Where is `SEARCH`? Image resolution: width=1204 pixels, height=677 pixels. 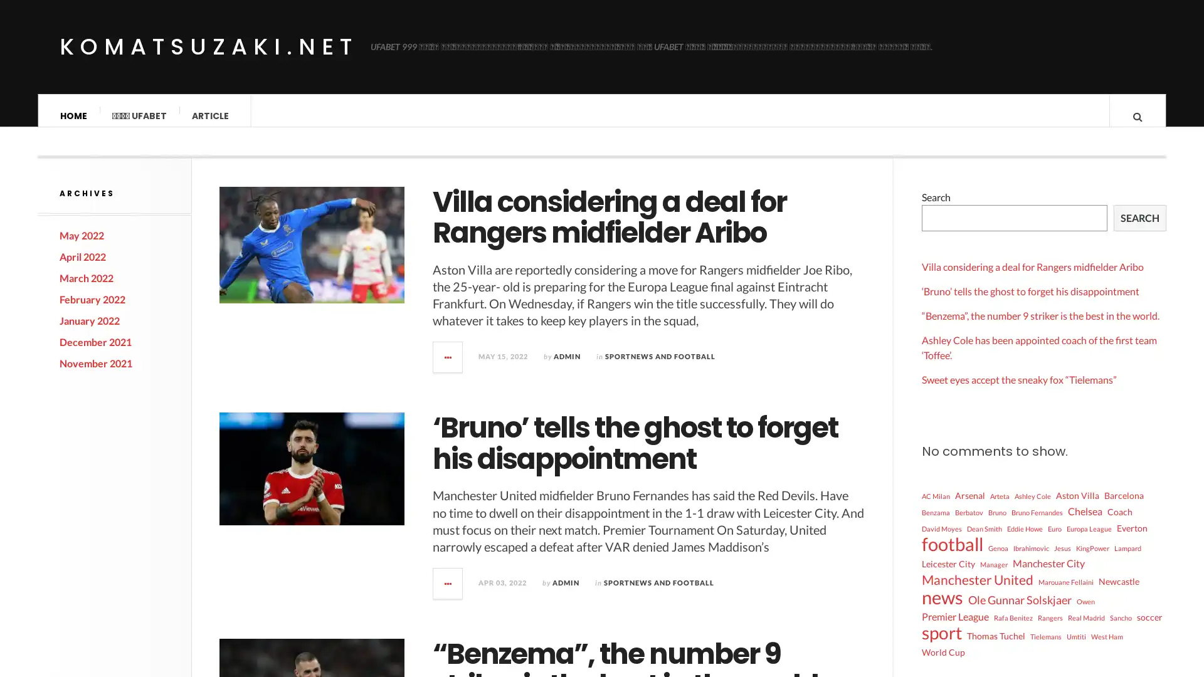
SEARCH is located at coordinates (1140, 229).